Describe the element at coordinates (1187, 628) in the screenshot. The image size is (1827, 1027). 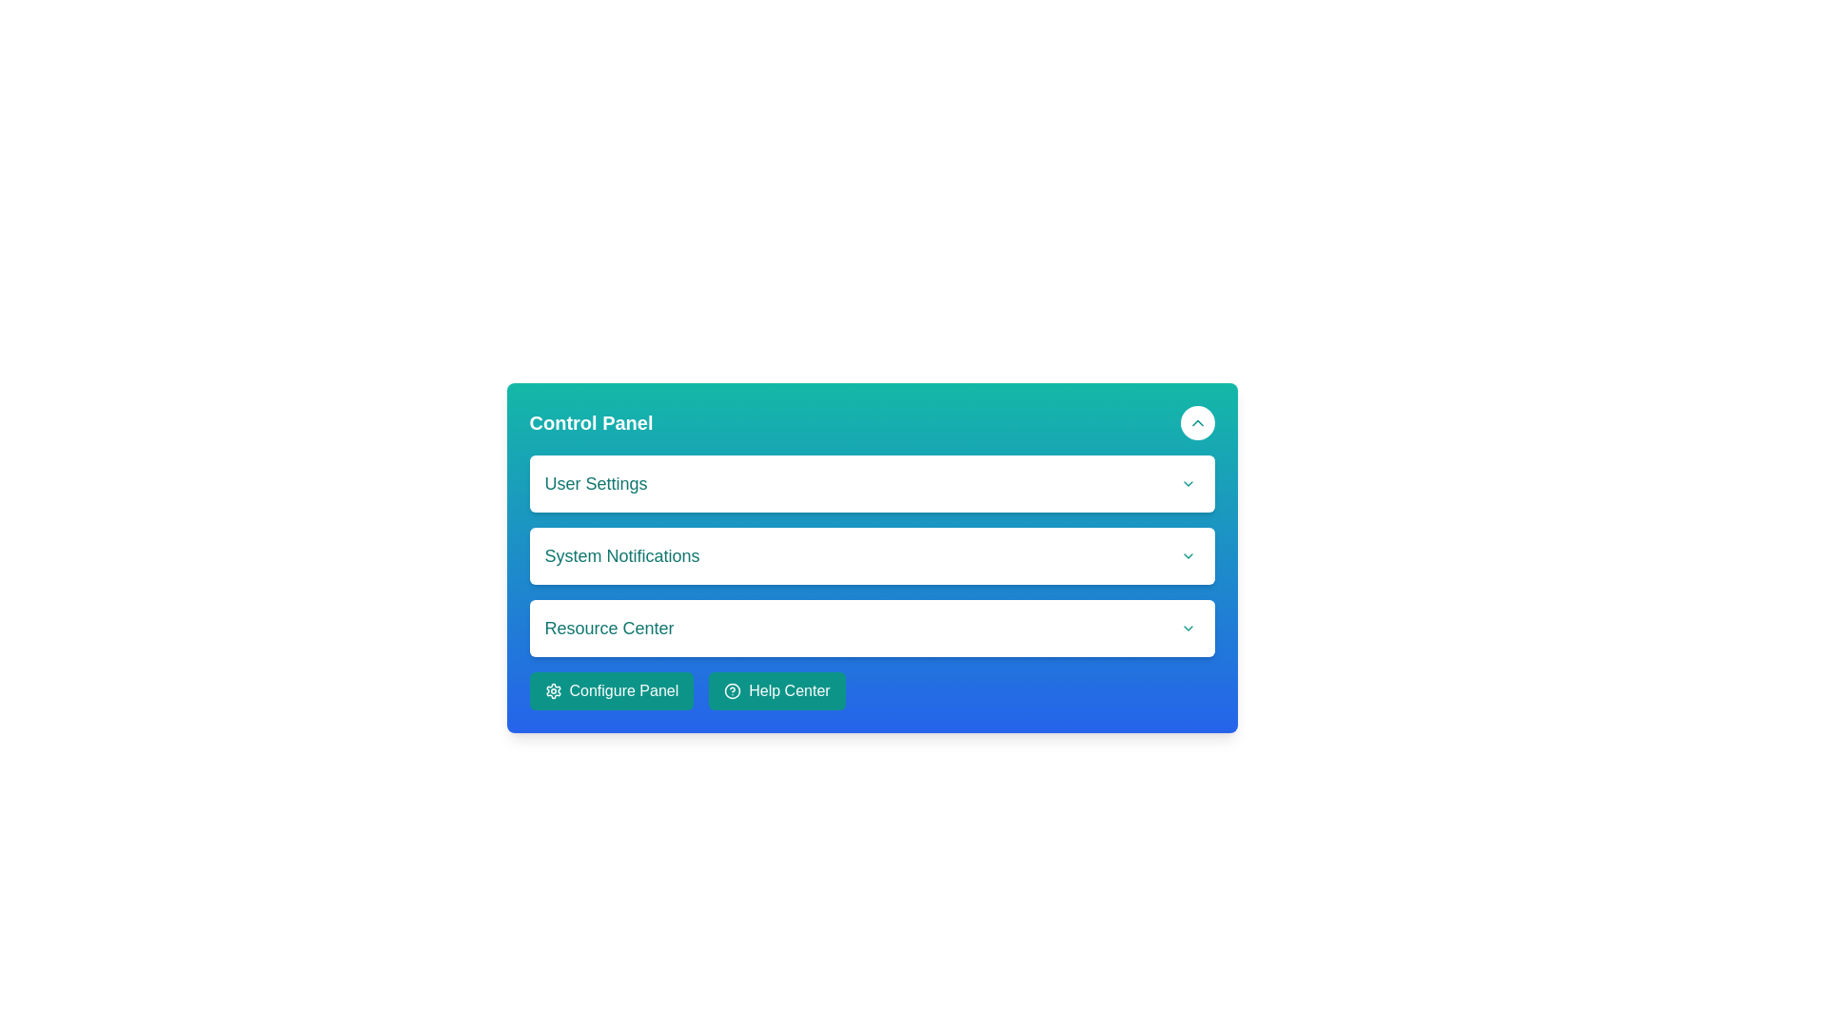
I see `the teal downward-facing chevron icon at the rightmost end of the 'Resource Center' label` at that location.